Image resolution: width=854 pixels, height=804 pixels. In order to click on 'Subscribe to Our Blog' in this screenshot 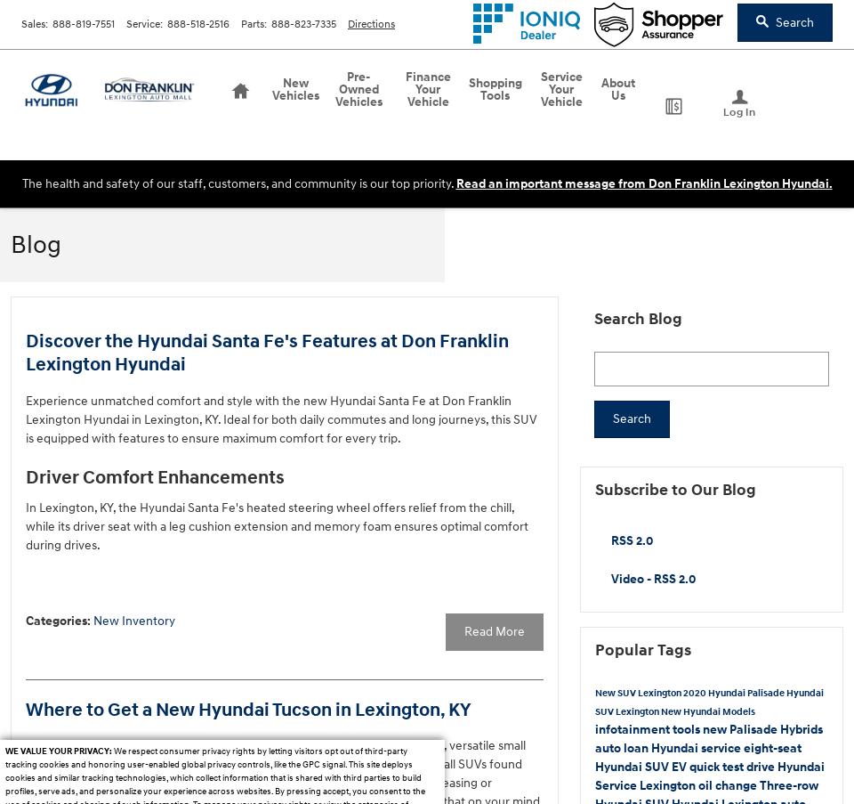, I will do `click(674, 489)`.